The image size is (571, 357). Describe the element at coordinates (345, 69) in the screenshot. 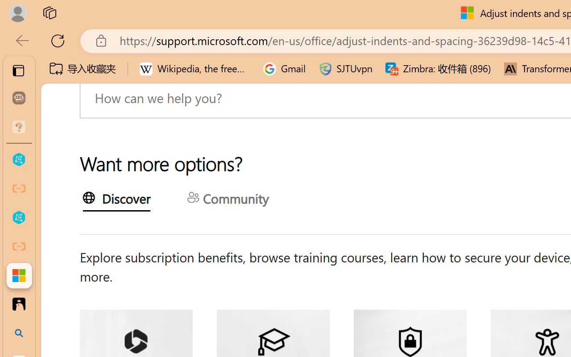

I see `'SJTUvpn'` at that location.